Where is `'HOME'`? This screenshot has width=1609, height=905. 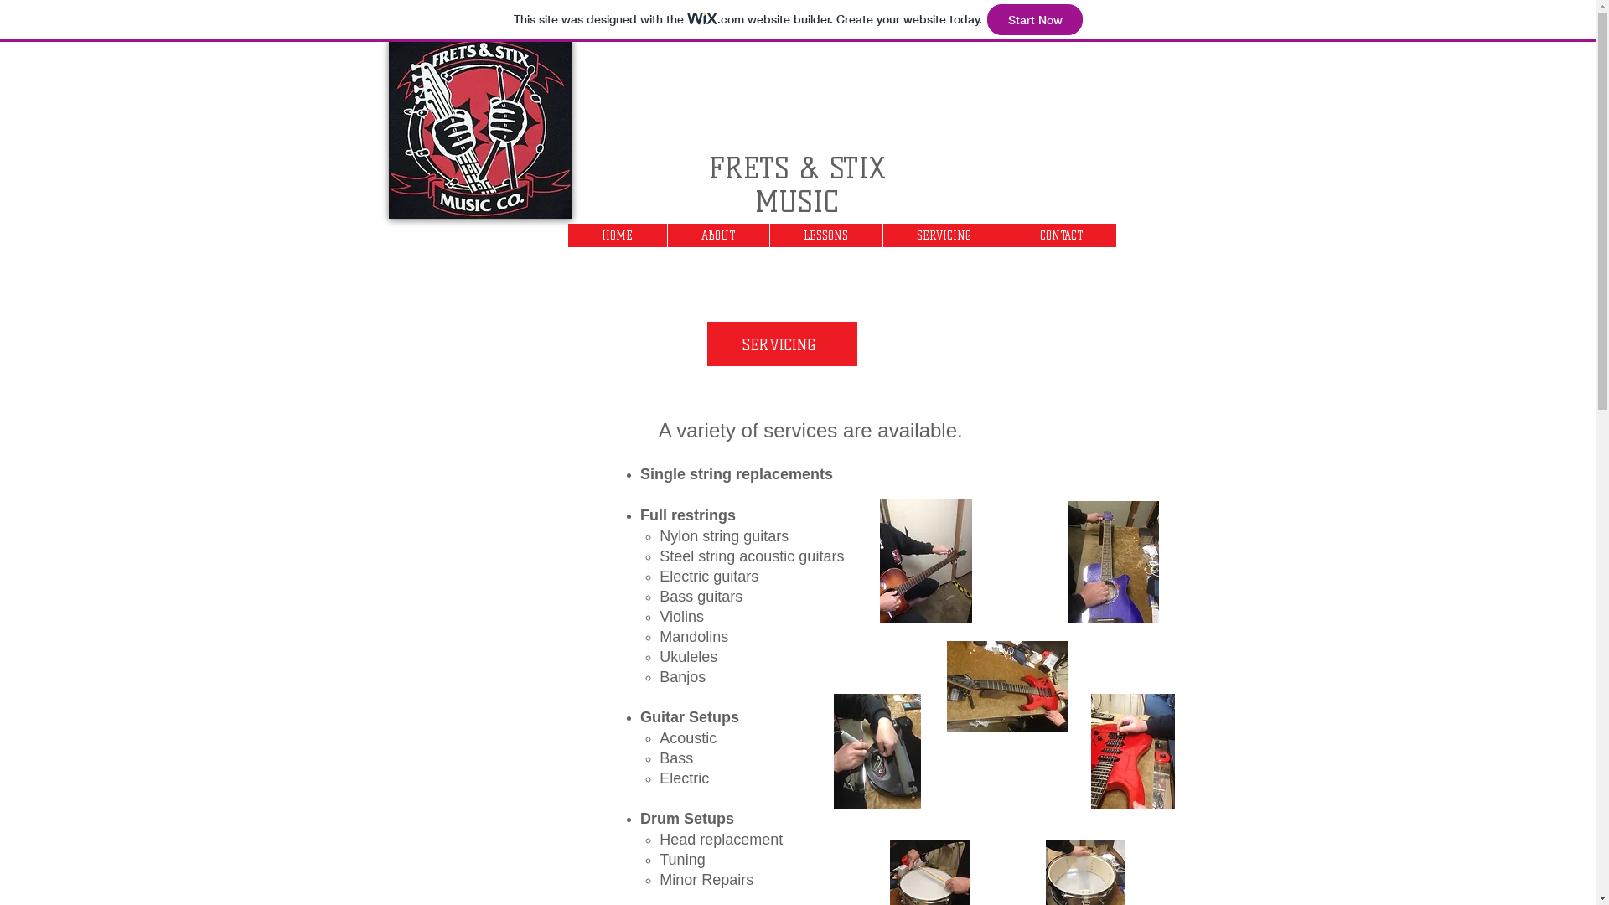 'HOME' is located at coordinates (617, 235).